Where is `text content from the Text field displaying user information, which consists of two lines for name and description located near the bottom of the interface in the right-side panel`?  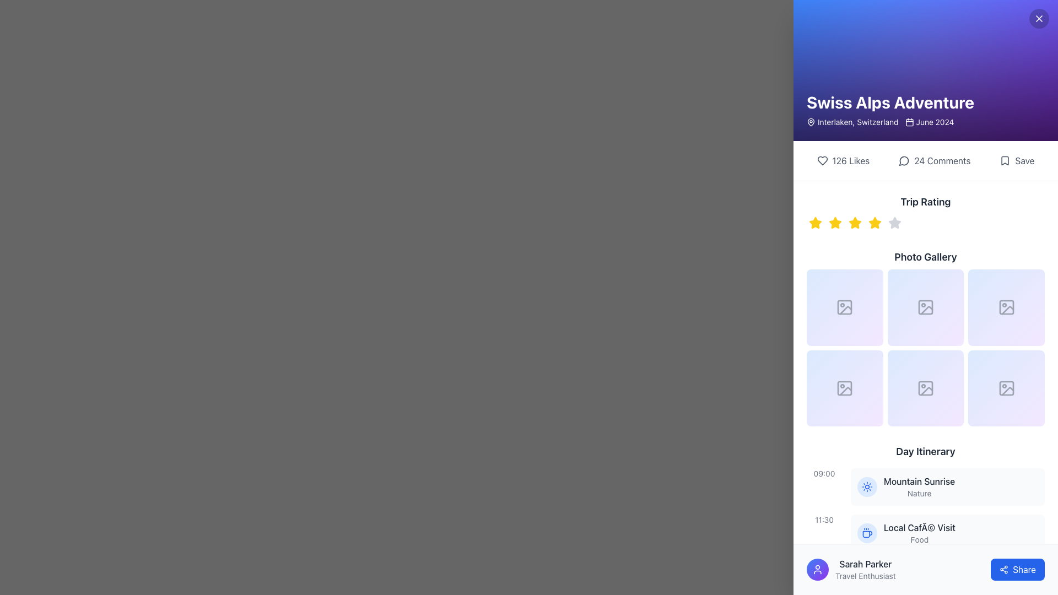
text content from the Text field displaying user information, which consists of two lines for name and description located near the bottom of the interface in the right-side panel is located at coordinates (865, 569).